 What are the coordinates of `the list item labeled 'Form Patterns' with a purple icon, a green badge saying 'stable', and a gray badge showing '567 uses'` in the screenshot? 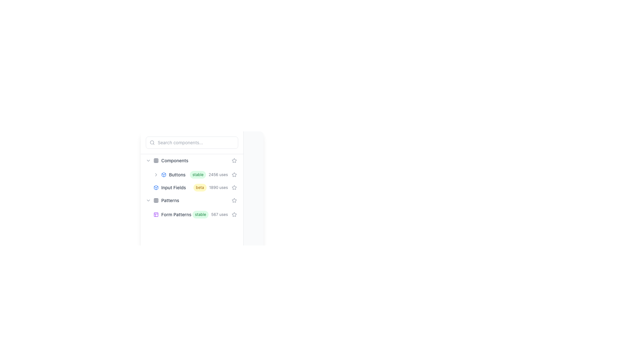 It's located at (192, 214).